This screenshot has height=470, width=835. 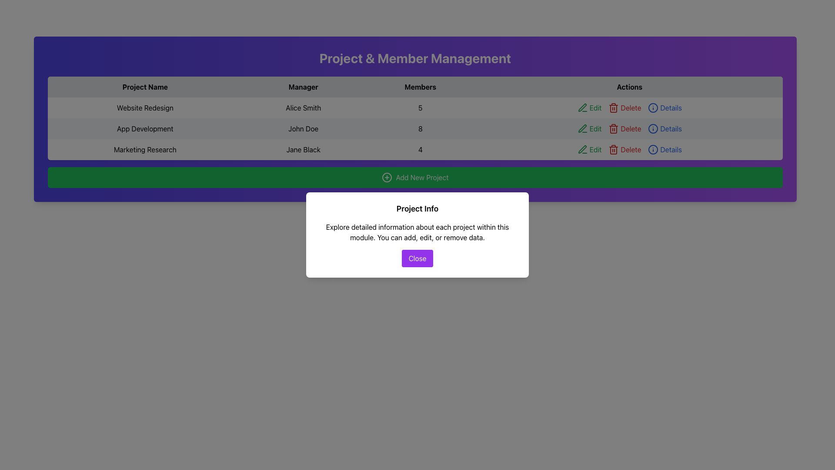 What do you see at coordinates (665, 149) in the screenshot?
I see `the interactive text labeled 'Details' with an accompanying icon, which is the third clickable option under the 'Actions' column, located to the right of the 'Delete' option` at bounding box center [665, 149].